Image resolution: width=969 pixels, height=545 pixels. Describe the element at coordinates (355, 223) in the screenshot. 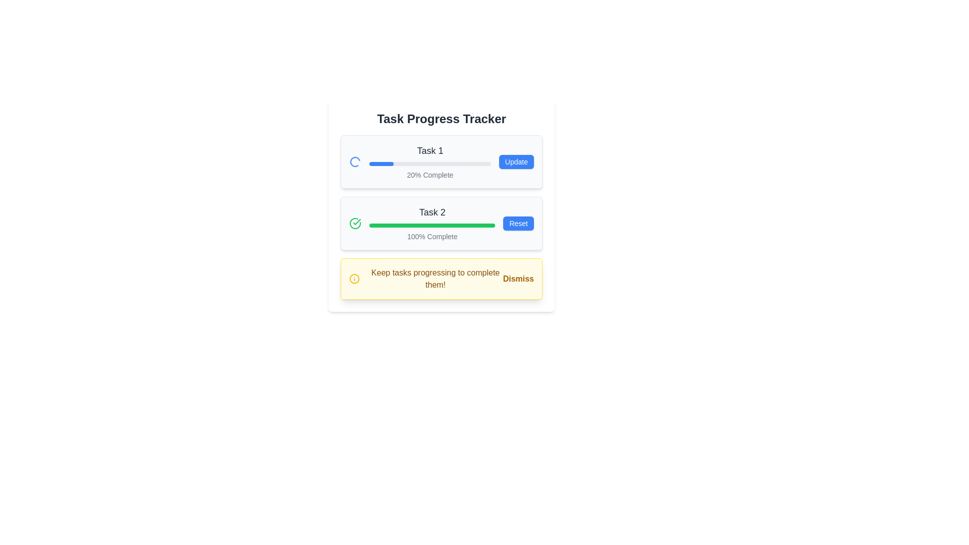

I see `the circular green outlined icon with a checkmark, located next to the 'Task 2' label and above the '100% Complete' progress bar` at that location.